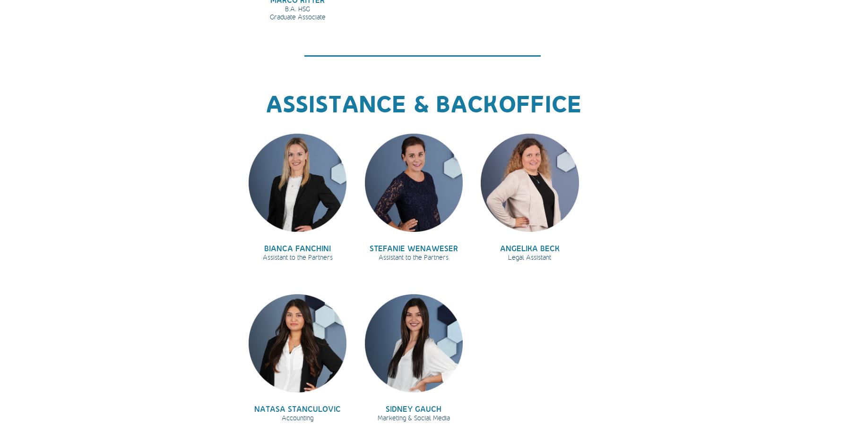 The height and width of the screenshot is (434, 847). I want to click on 'Legal Assistant', so click(529, 256).